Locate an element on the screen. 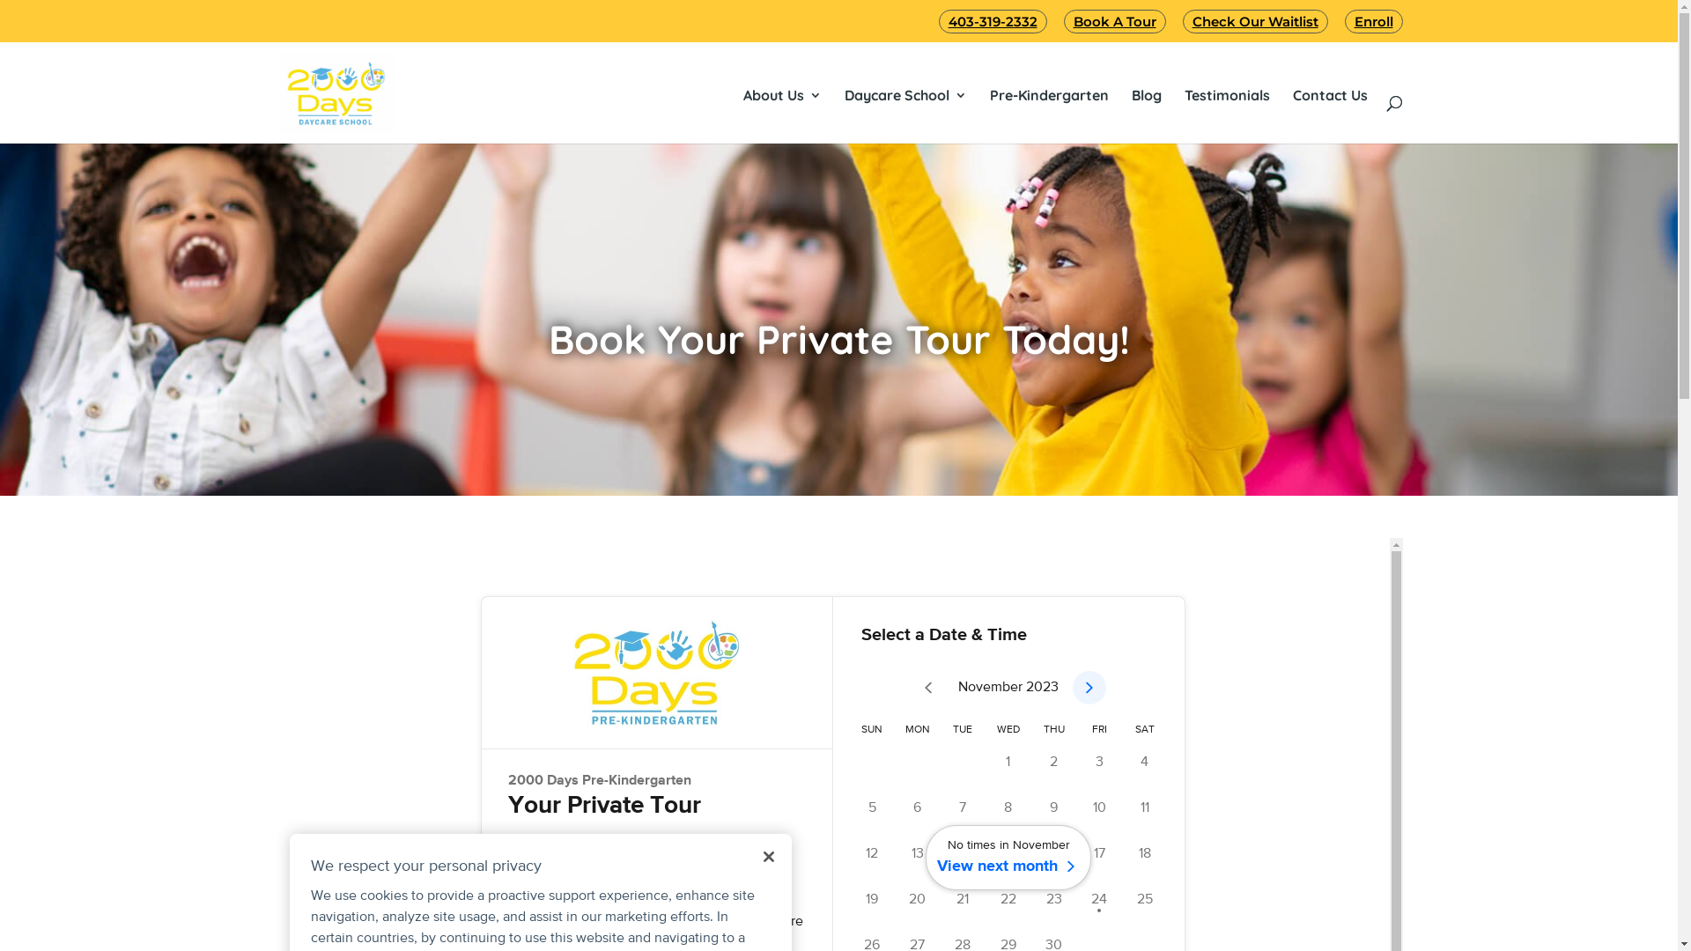  'Daycare School' is located at coordinates (843, 95).